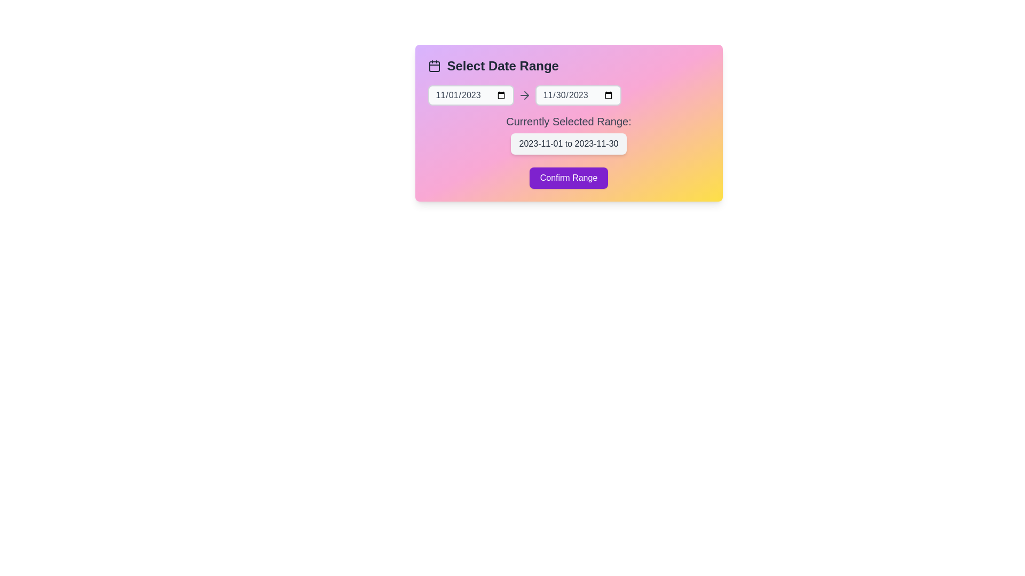 This screenshot has width=1025, height=576. I want to click on the end date input field to select a date, so click(578, 94).